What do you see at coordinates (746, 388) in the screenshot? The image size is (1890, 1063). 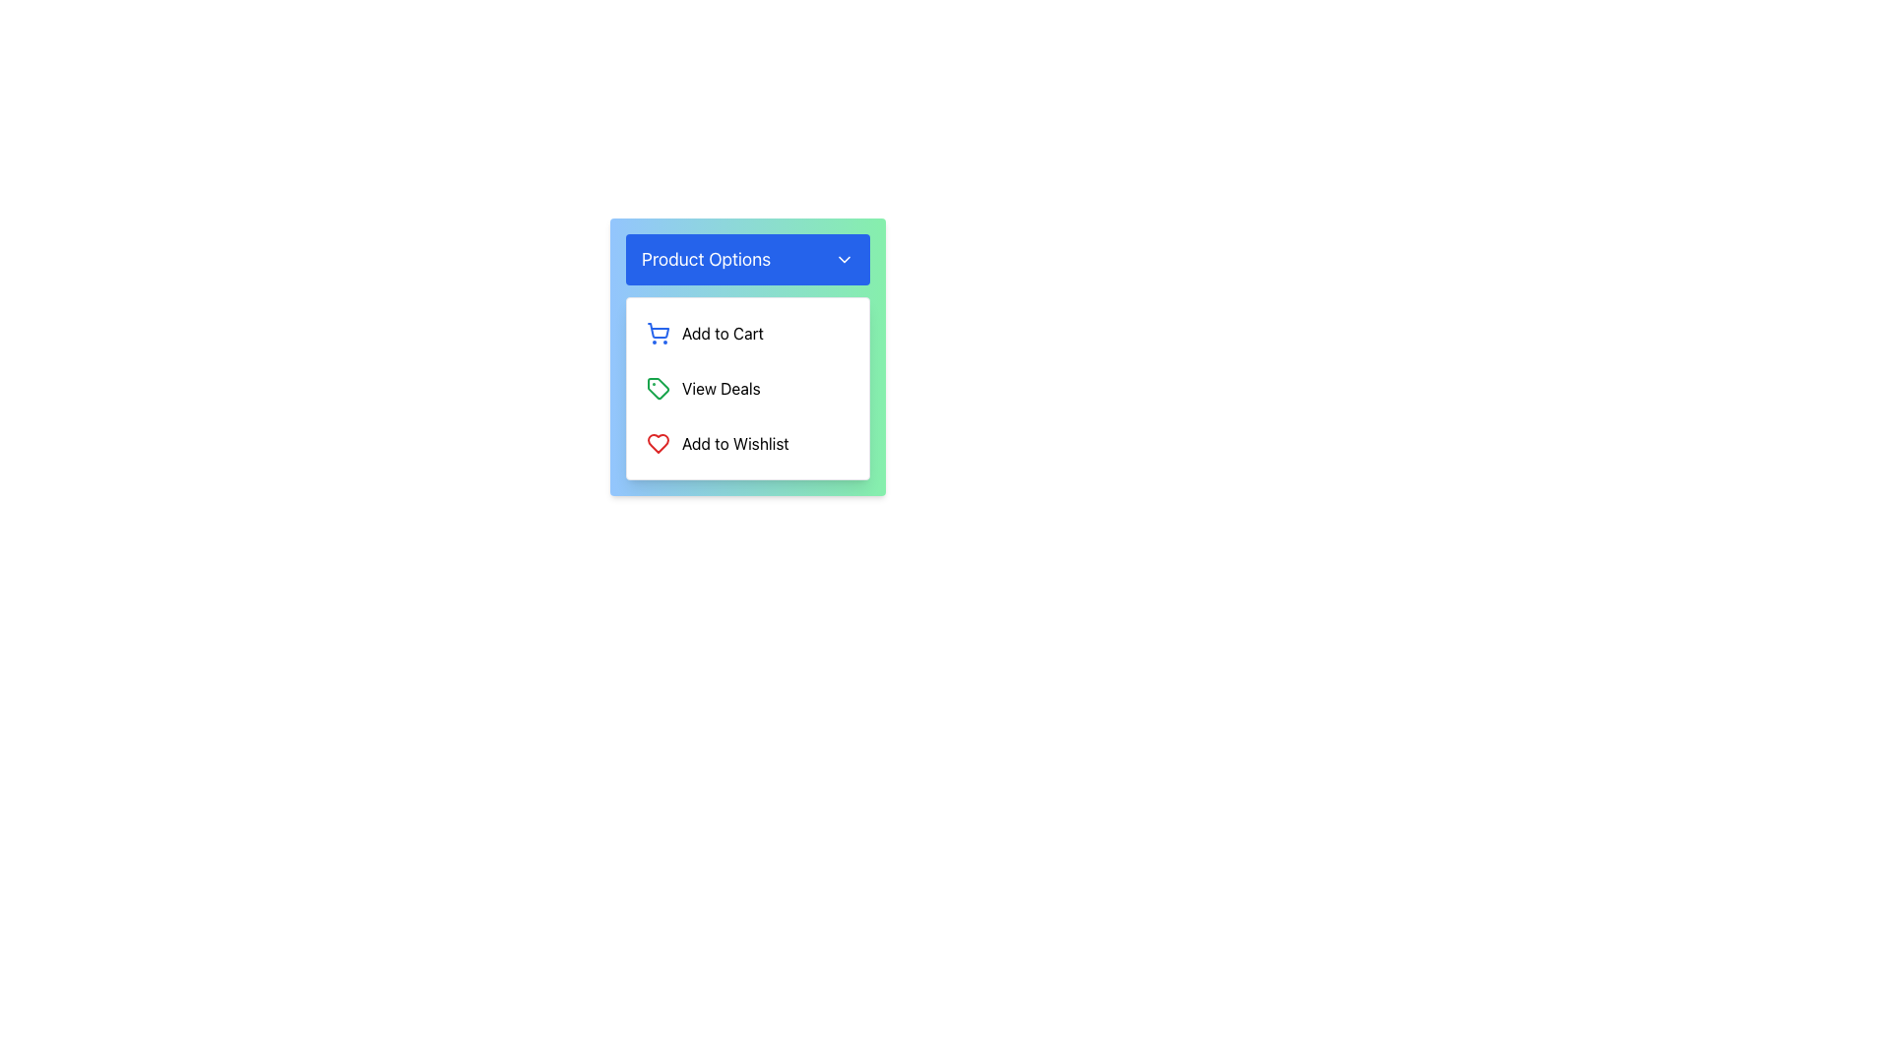 I see `the second menu item labeled 'View Deals' under 'Product Options'` at bounding box center [746, 388].